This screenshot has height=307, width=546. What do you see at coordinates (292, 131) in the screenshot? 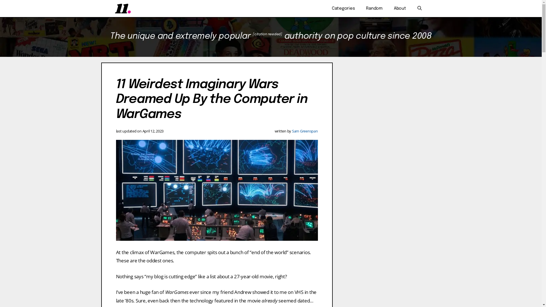
I see `'Sam Greenspan'` at bounding box center [292, 131].